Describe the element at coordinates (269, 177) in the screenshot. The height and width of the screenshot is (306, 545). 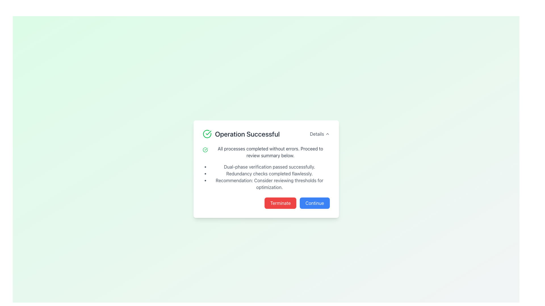
I see `text from the bullet-point list that displays the three completed status messages, located within the confirmation dialog box below the message 'All processes completed without errors.'` at that location.